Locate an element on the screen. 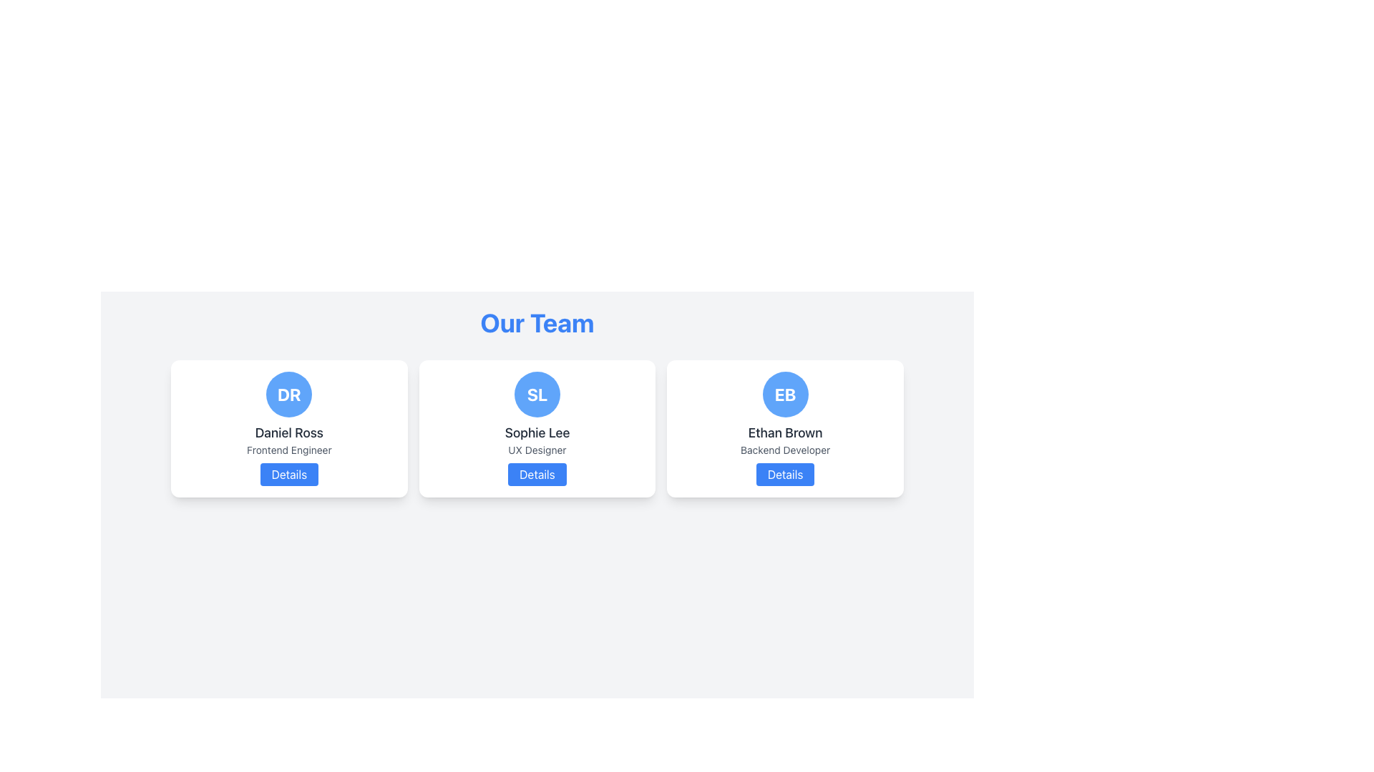  the text label displaying the name of the individual in the team card, located in the 'Our Team' section, centered in the second column, below the avatar labeled 'SL' and above the 'Details' button is located at coordinates (536, 432).